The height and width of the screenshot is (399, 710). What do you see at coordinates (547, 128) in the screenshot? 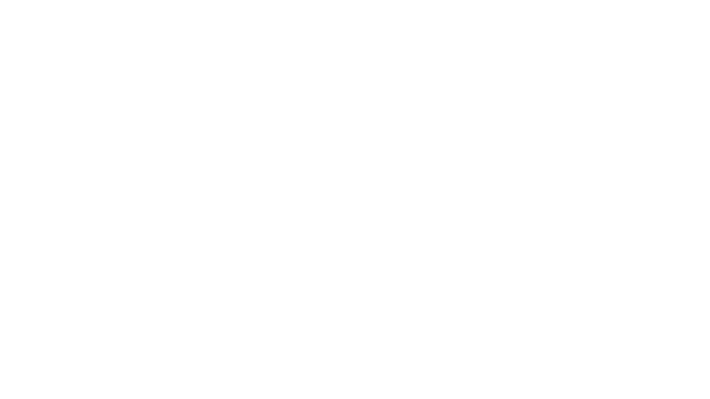
I see `Next` at bounding box center [547, 128].